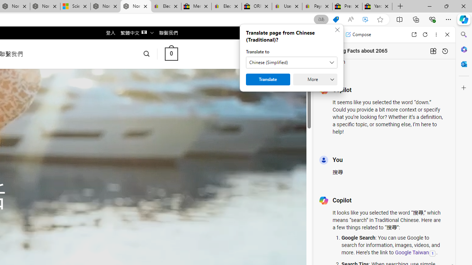 The height and width of the screenshot is (265, 472). Describe the element at coordinates (268, 79) in the screenshot. I see `'Translate'` at that location.